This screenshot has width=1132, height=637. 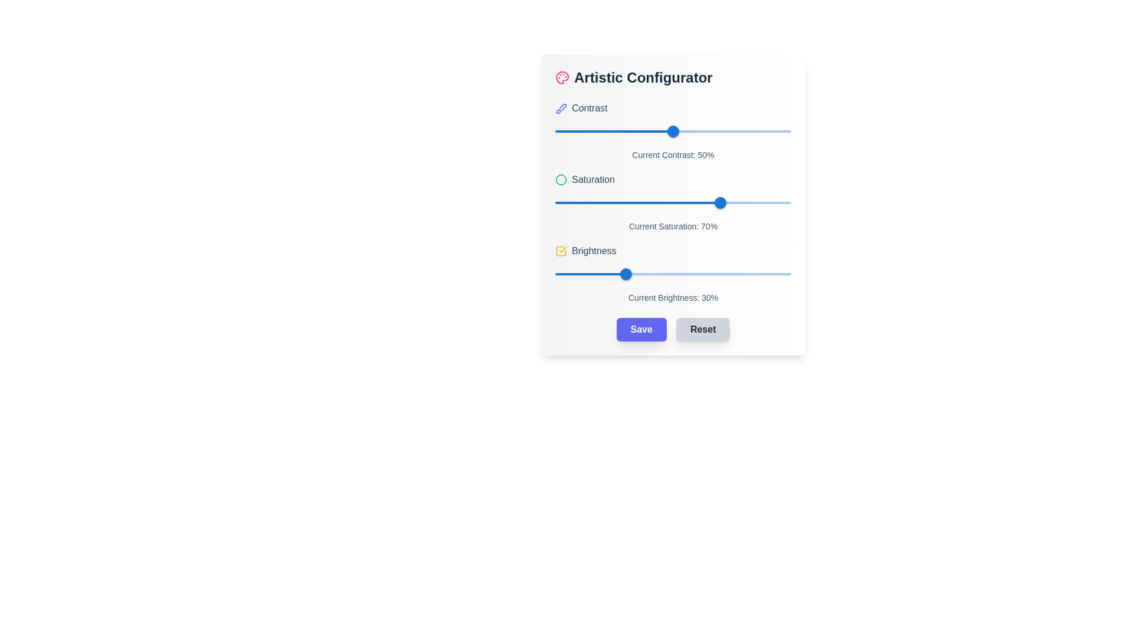 I want to click on contrast, so click(x=750, y=132).